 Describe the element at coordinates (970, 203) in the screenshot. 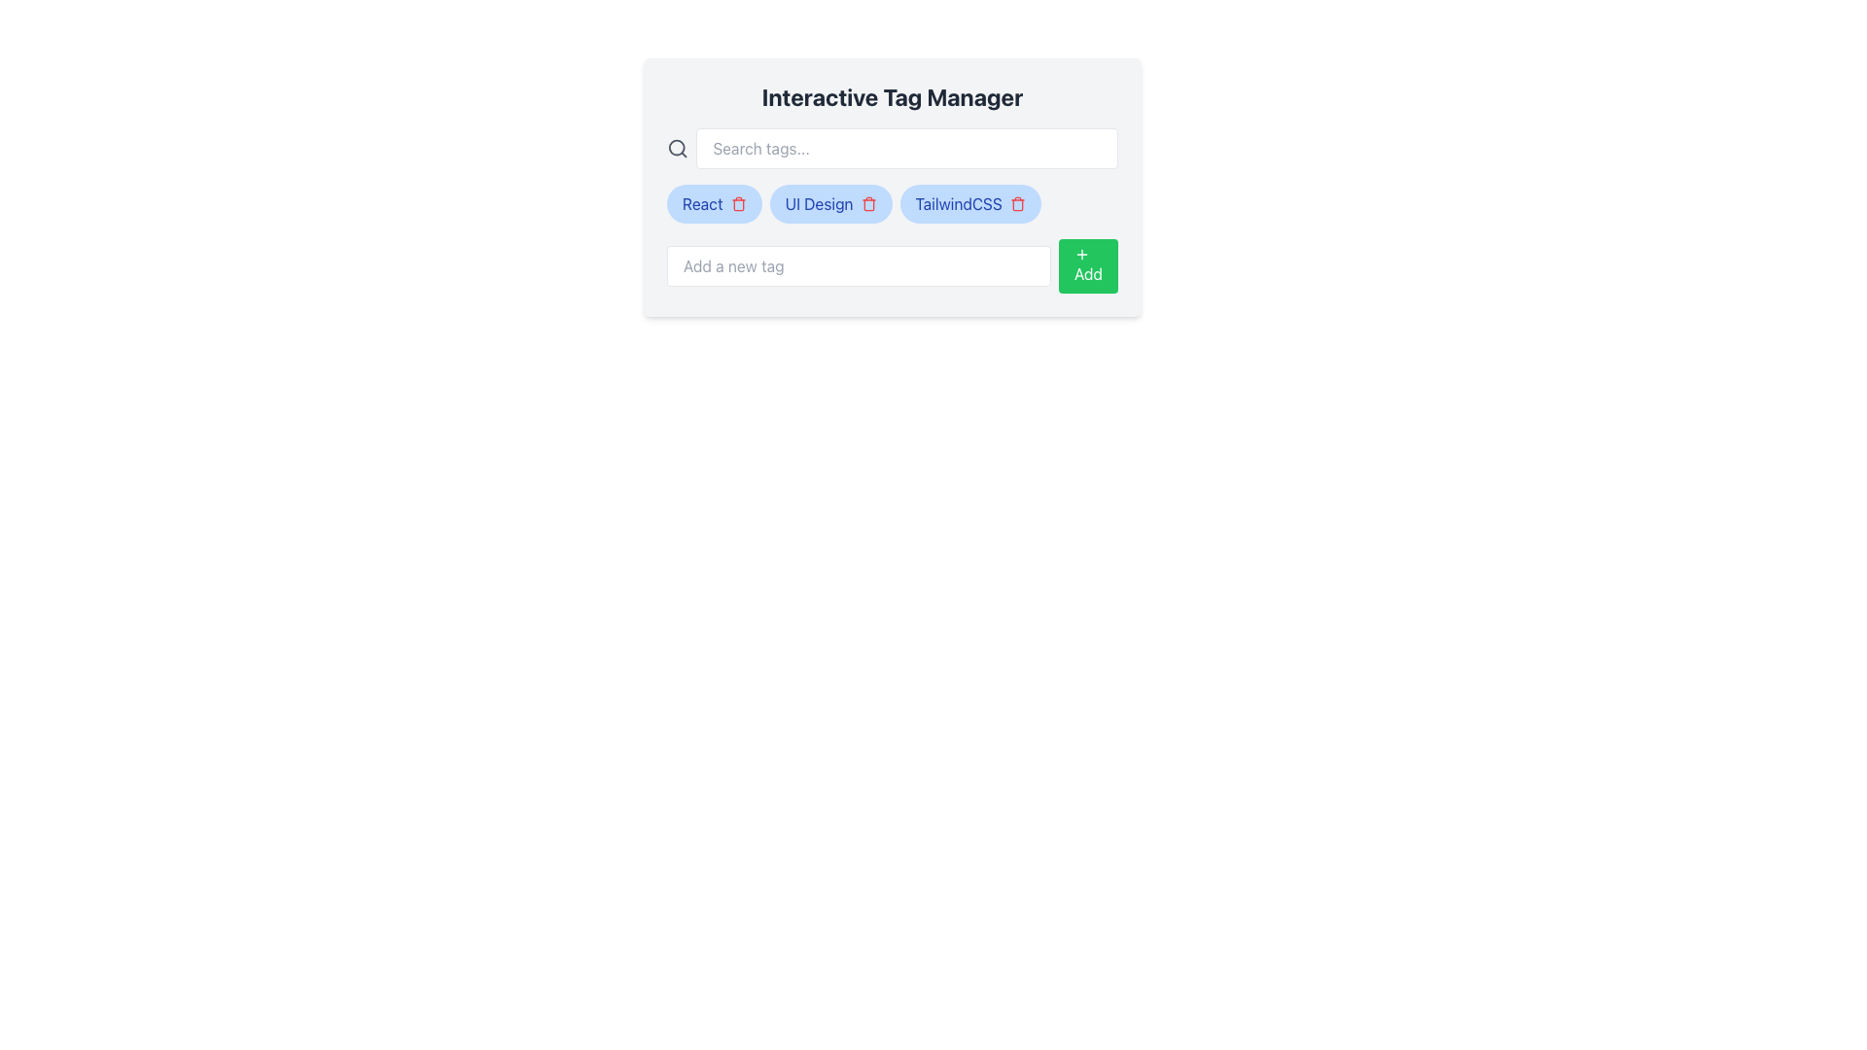

I see `the 'TailwindCSS' tag badge, which is a light blue, rounded rectangular badge containing bold blue text and a red trash icon` at that location.